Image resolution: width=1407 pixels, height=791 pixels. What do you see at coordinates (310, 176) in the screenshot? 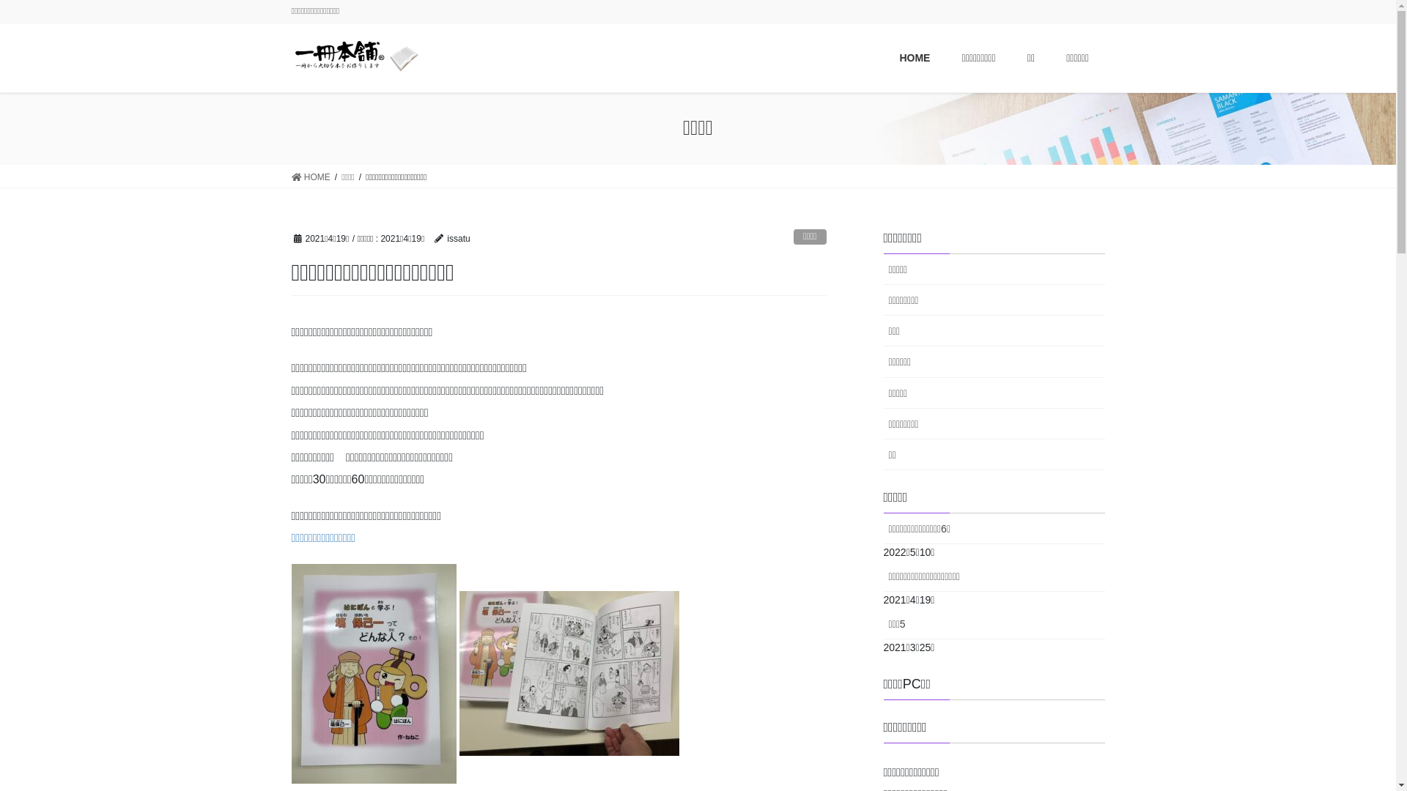
I see `'HOME'` at bounding box center [310, 176].